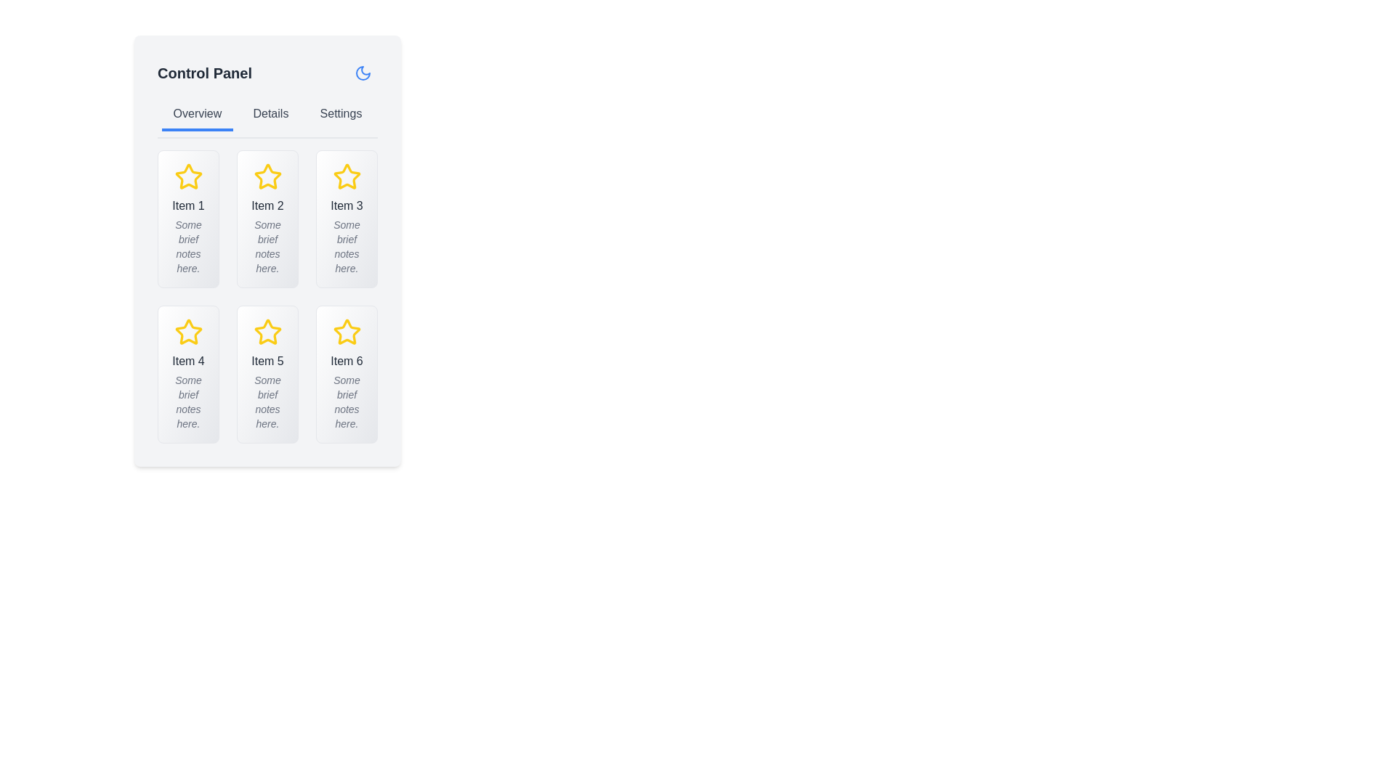 The width and height of the screenshot is (1395, 784). Describe the element at coordinates (267, 118) in the screenshot. I see `the Tab group located below the 'Control Panel' heading` at that location.